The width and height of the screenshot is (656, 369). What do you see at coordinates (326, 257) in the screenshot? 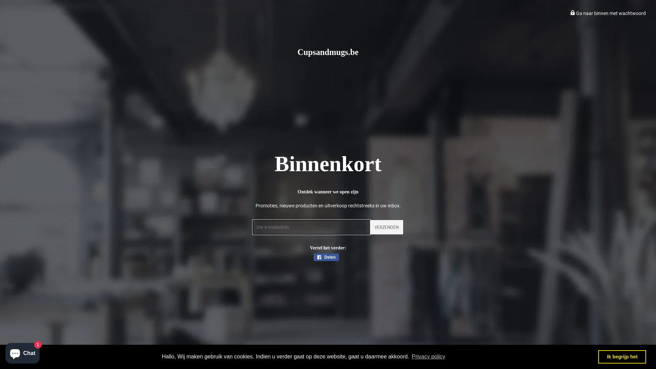
I see `'Delen` at bounding box center [326, 257].